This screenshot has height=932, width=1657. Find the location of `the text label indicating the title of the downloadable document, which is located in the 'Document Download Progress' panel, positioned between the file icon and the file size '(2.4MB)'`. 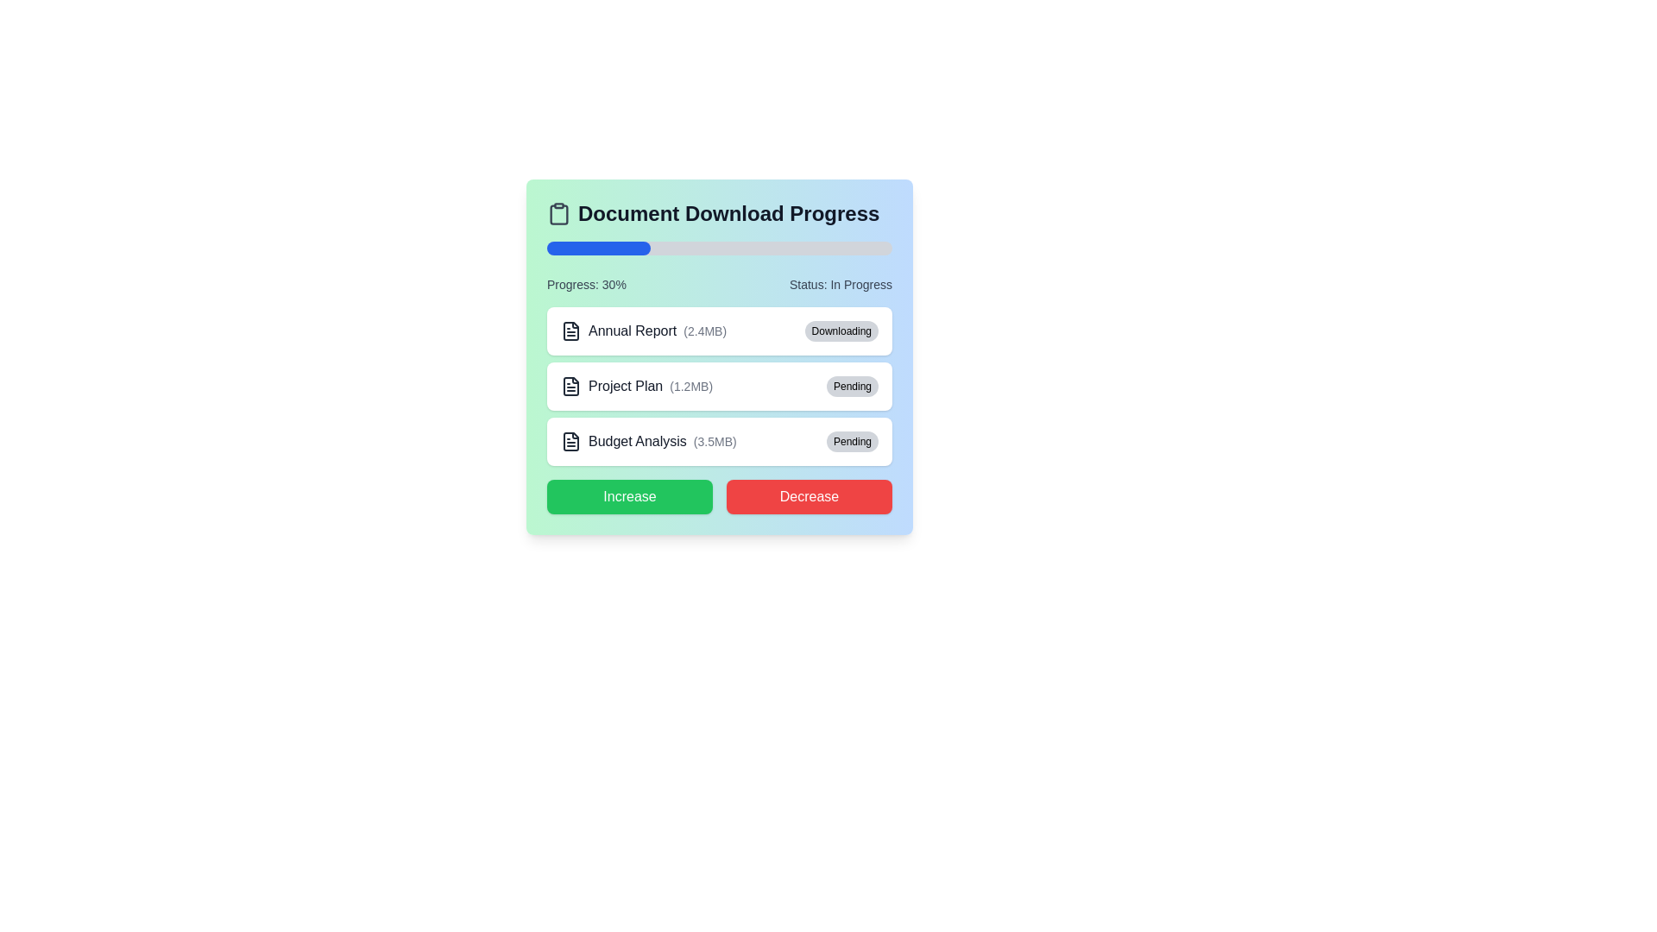

the text label indicating the title of the downloadable document, which is located in the 'Document Download Progress' panel, positioned between the file icon and the file size '(2.4MB)' is located at coordinates (632, 331).